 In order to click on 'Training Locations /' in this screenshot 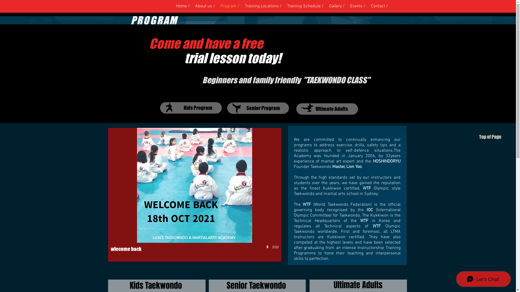, I will do `click(263, 6)`.